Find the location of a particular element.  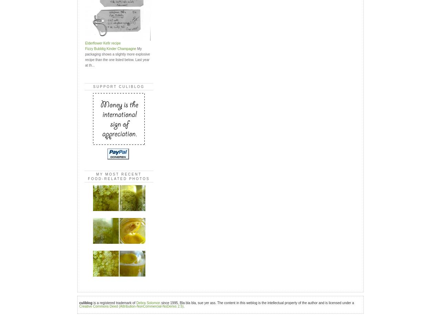

'Fizzy Bubblig Kinder Champagne' is located at coordinates (111, 48).